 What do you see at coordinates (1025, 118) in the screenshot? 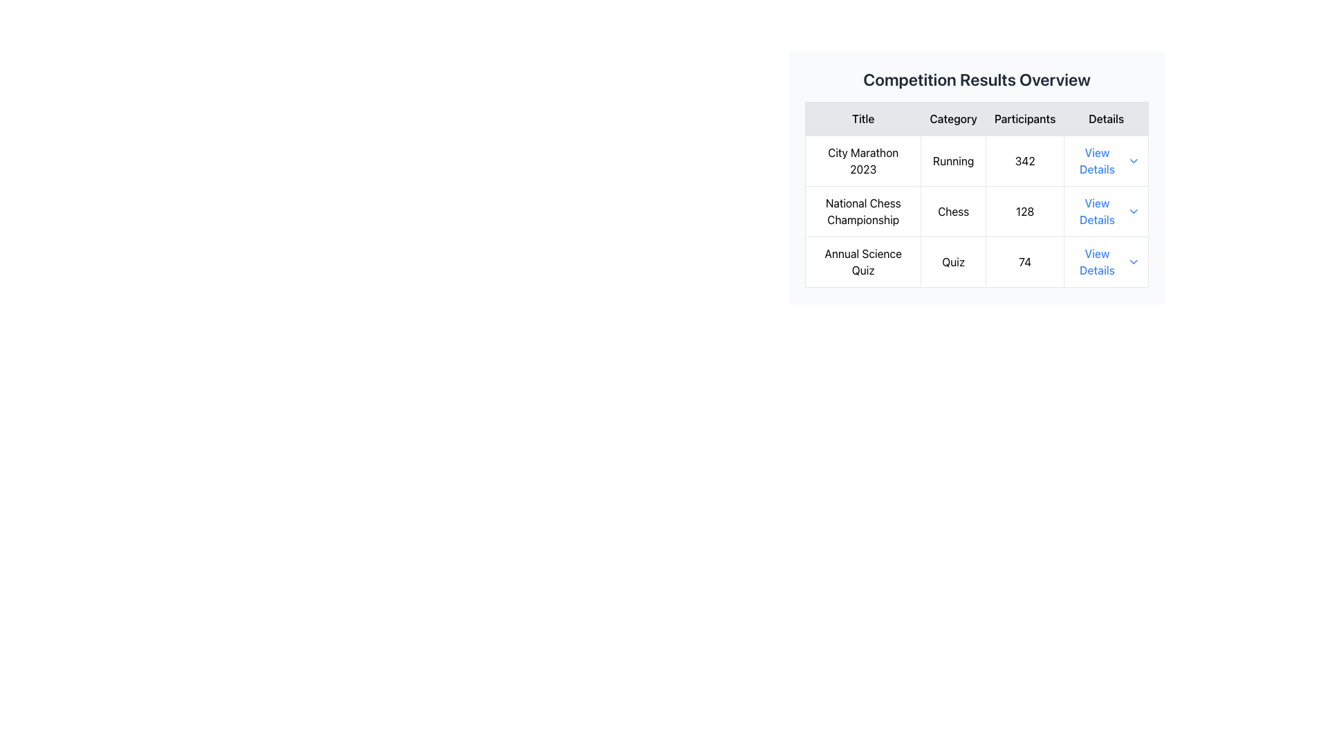
I see `the 'Participants' text label, which is styled with a light gray background and bold font, located in the header row of a table-like structure` at bounding box center [1025, 118].